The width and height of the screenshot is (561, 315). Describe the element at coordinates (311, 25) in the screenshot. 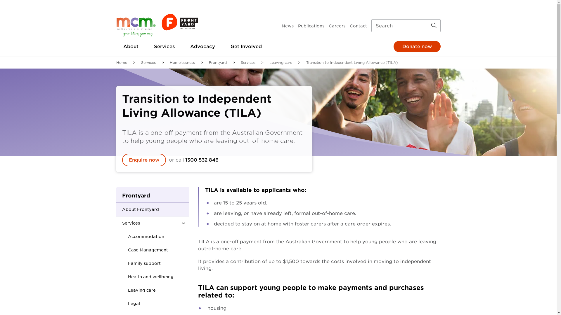

I see `'Publications'` at that location.